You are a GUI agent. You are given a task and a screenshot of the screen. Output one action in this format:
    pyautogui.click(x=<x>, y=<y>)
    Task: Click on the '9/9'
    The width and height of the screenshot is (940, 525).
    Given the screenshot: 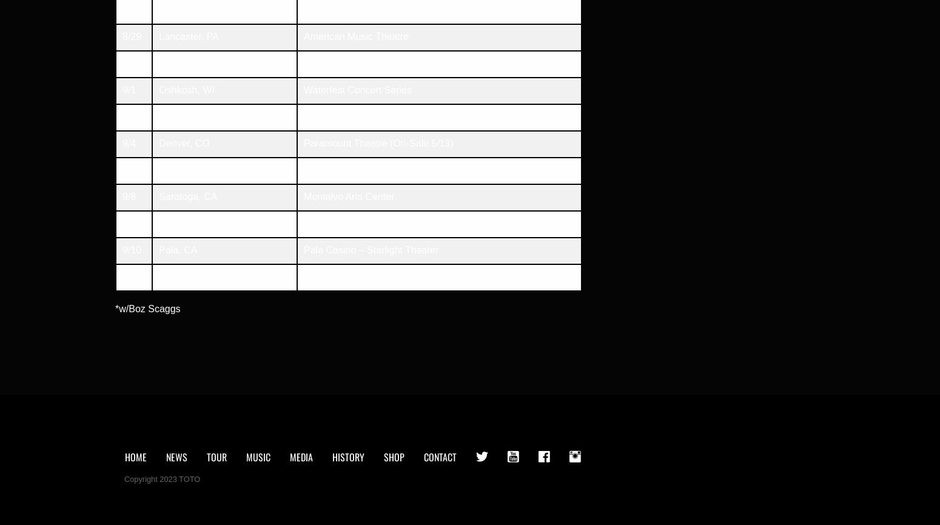 What is the action you would take?
    pyautogui.click(x=128, y=222)
    